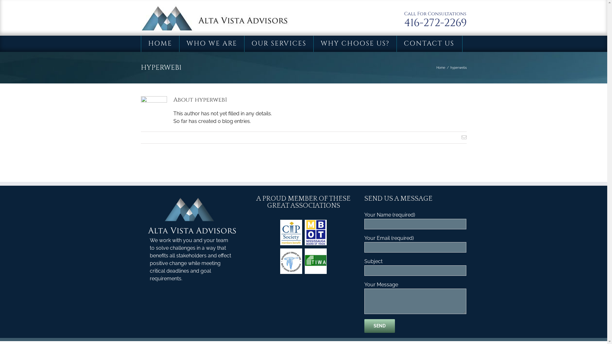 This screenshot has width=612, height=344. I want to click on 'HOME', so click(160, 43).